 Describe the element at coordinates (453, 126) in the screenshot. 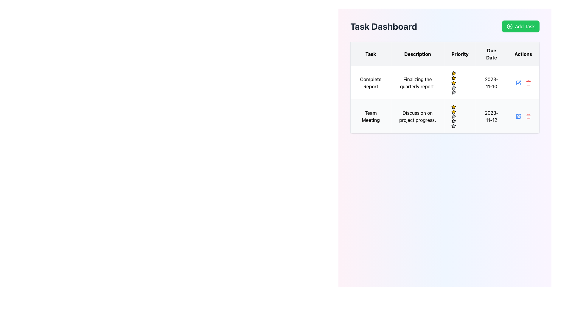

I see `the seventh star icon in the 'Priority' column of the second row in the table by clicking on it` at that location.